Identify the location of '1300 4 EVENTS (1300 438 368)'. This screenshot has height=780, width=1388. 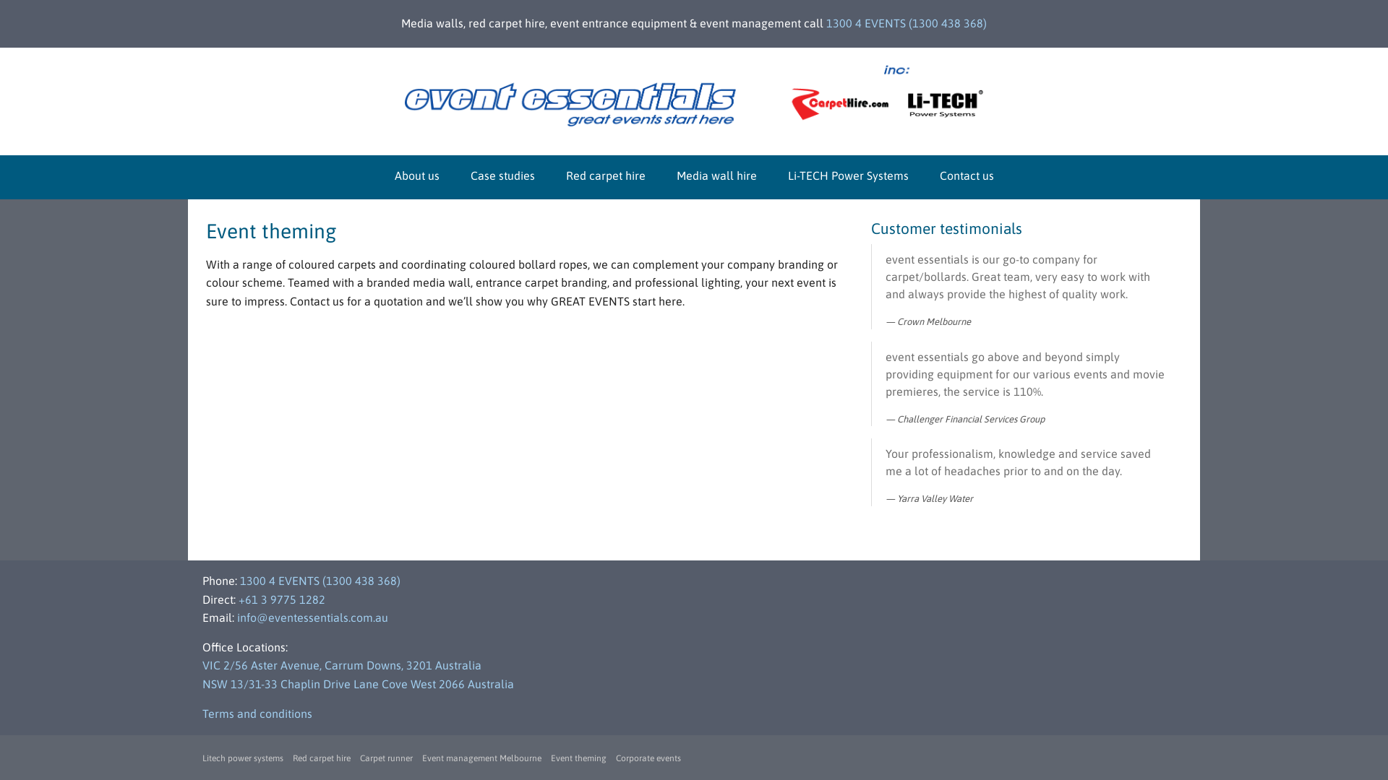
(319, 579).